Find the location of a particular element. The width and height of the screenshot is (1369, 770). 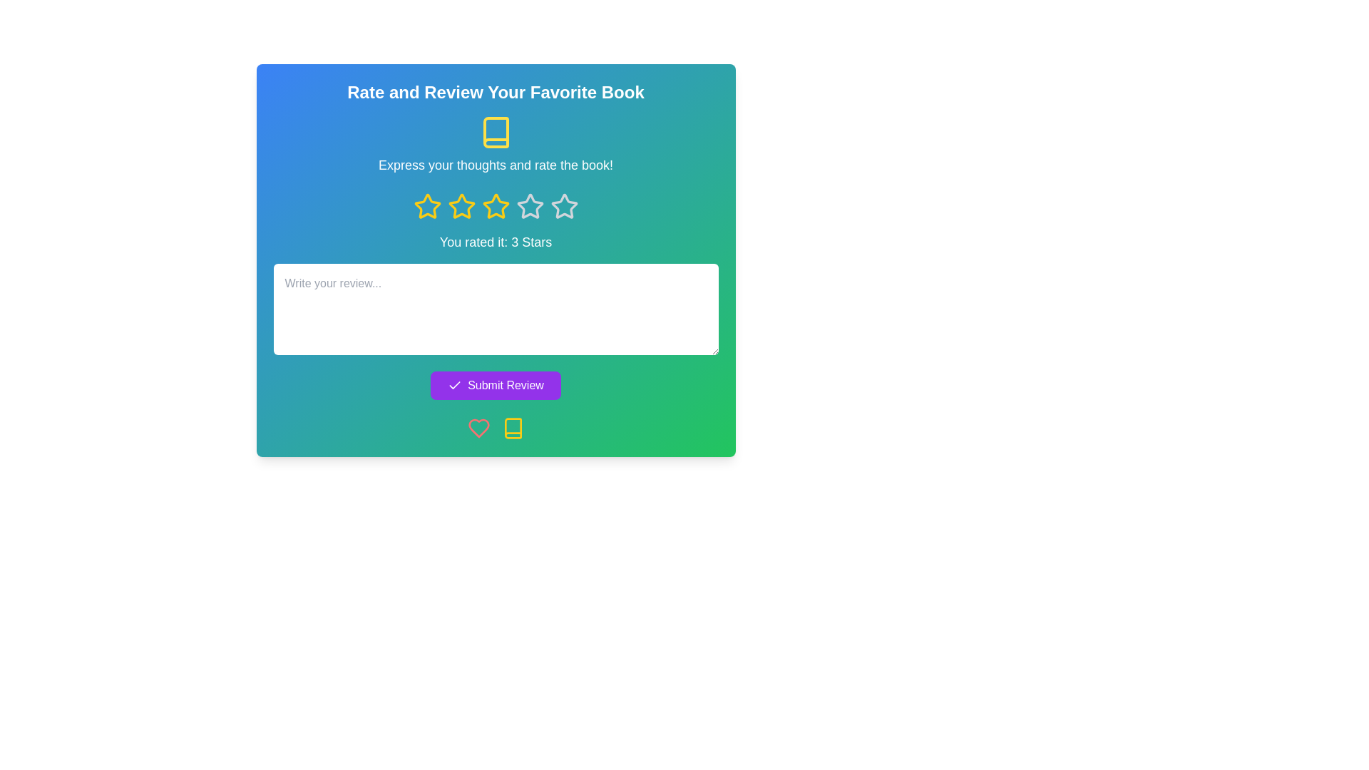

the confirmation icon located to the left of the text label within the purple 'Submit Review' button at the center bottom of the interface is located at coordinates (454, 385).